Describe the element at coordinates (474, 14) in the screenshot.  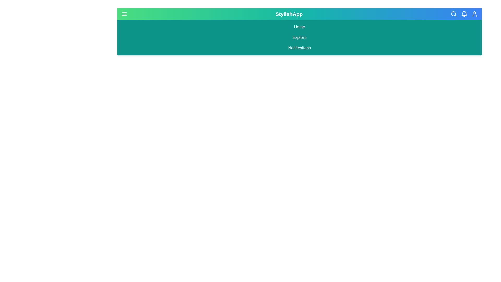
I see `the User icon in the header` at that location.